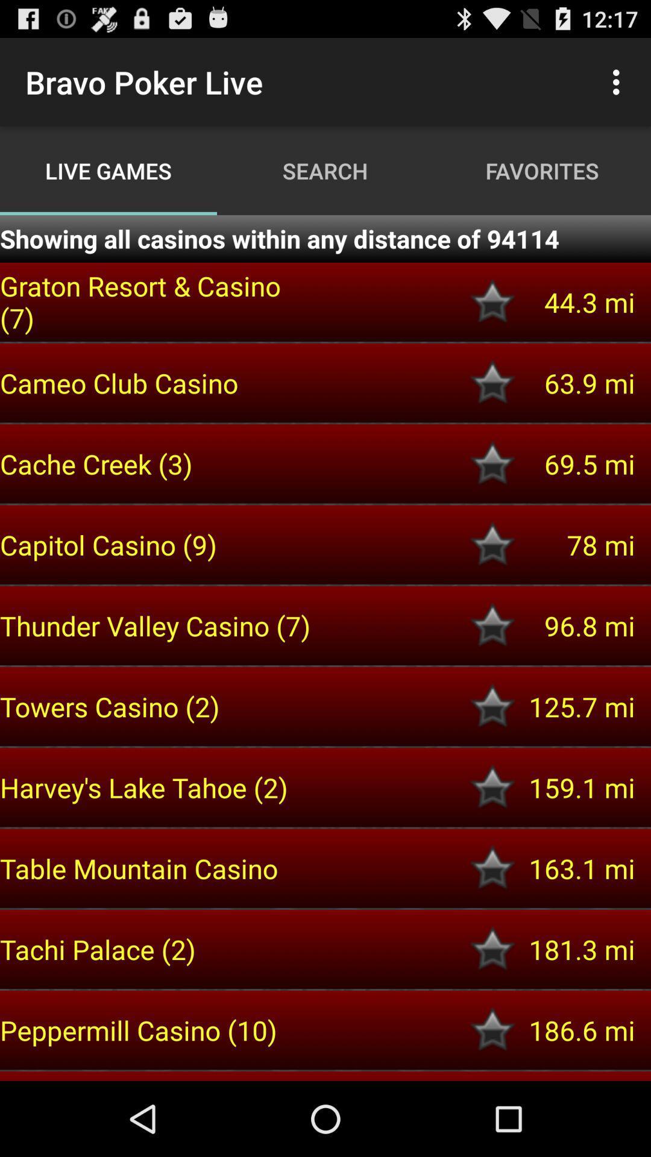  Describe the element at coordinates (492, 706) in the screenshot. I see `this casino` at that location.